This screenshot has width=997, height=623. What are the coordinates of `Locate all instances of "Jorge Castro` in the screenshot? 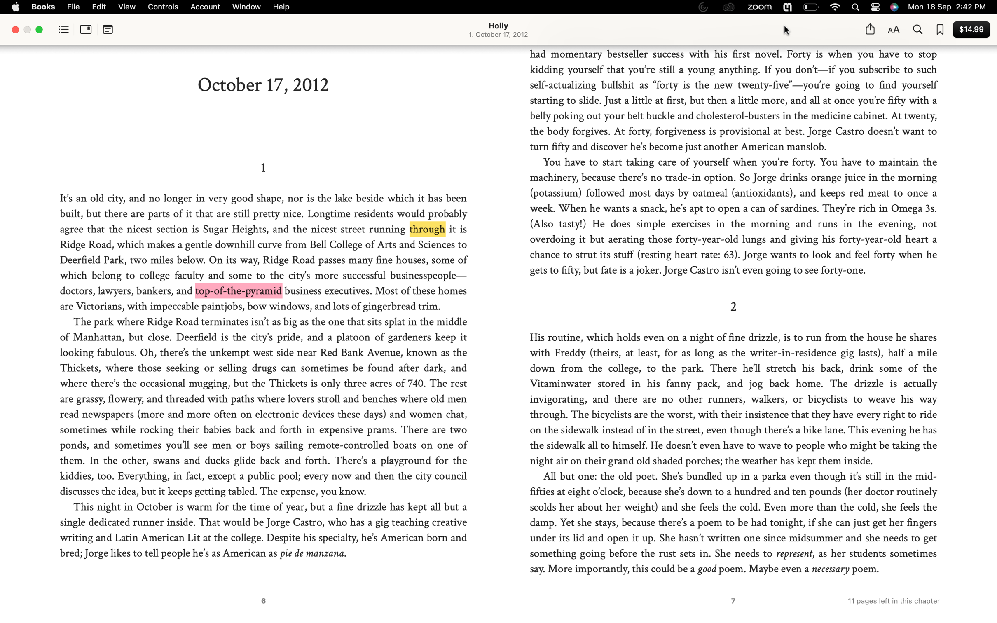 It's located at (917, 30).